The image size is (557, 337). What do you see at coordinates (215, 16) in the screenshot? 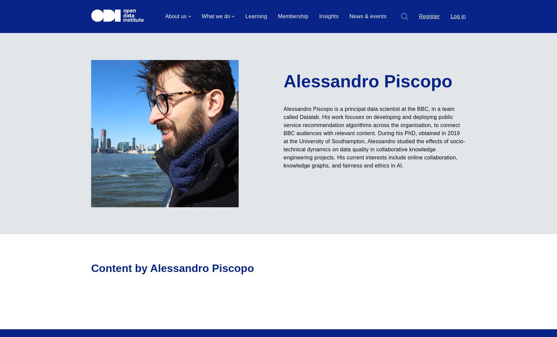
I see `'What we do'` at bounding box center [215, 16].